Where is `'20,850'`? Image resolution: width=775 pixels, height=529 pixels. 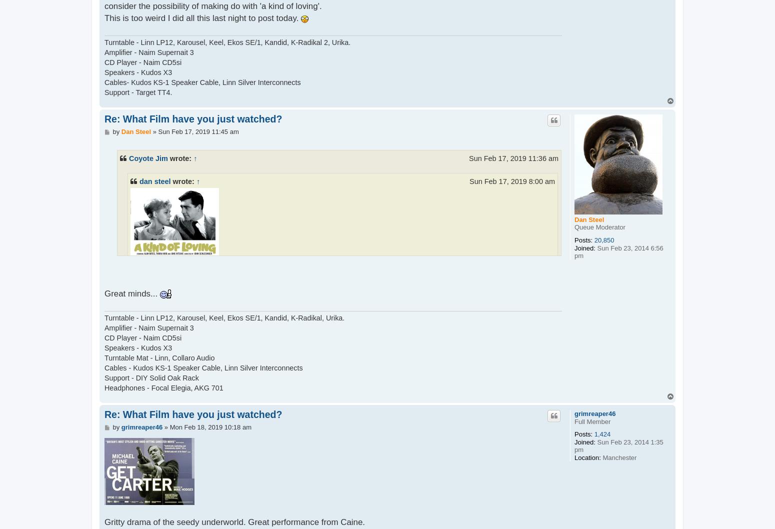
'20,850' is located at coordinates (604, 239).